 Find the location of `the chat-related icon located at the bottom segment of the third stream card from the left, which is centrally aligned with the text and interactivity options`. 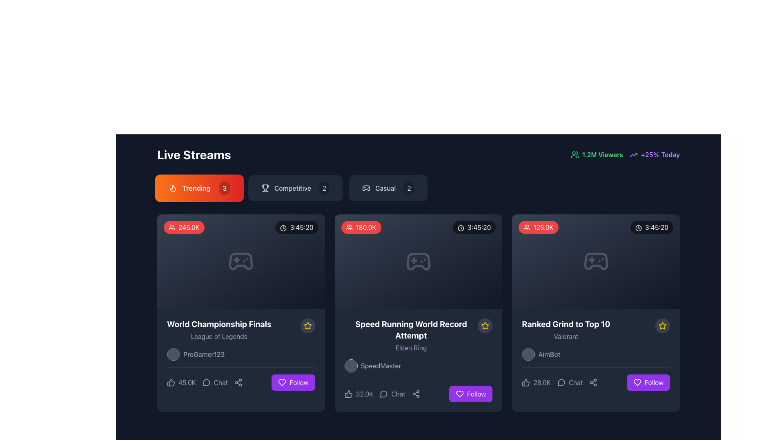

the chat-related icon located at the bottom segment of the third stream card from the left, which is centrally aligned with the text and interactivity options is located at coordinates (560, 383).